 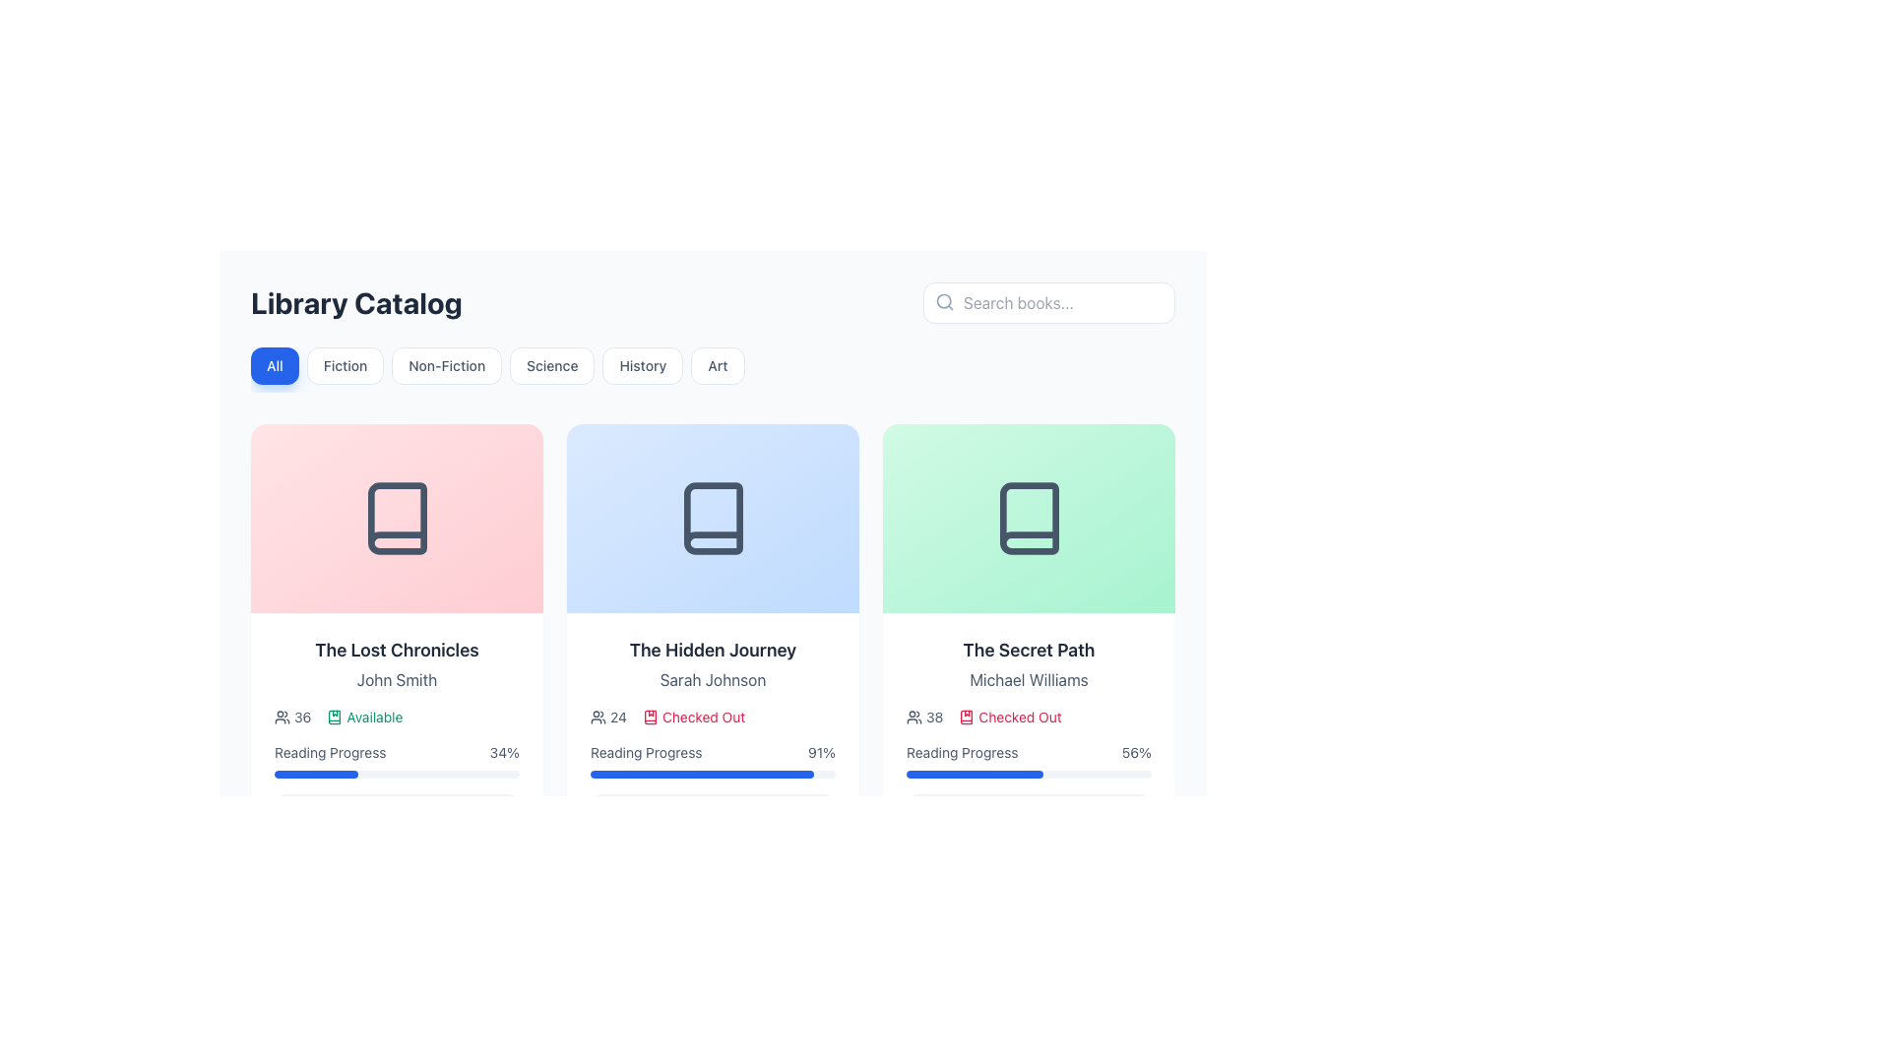 What do you see at coordinates (396, 641) in the screenshot?
I see `the Information Card displaying the book entry, which is the first card in the grid layout` at bounding box center [396, 641].